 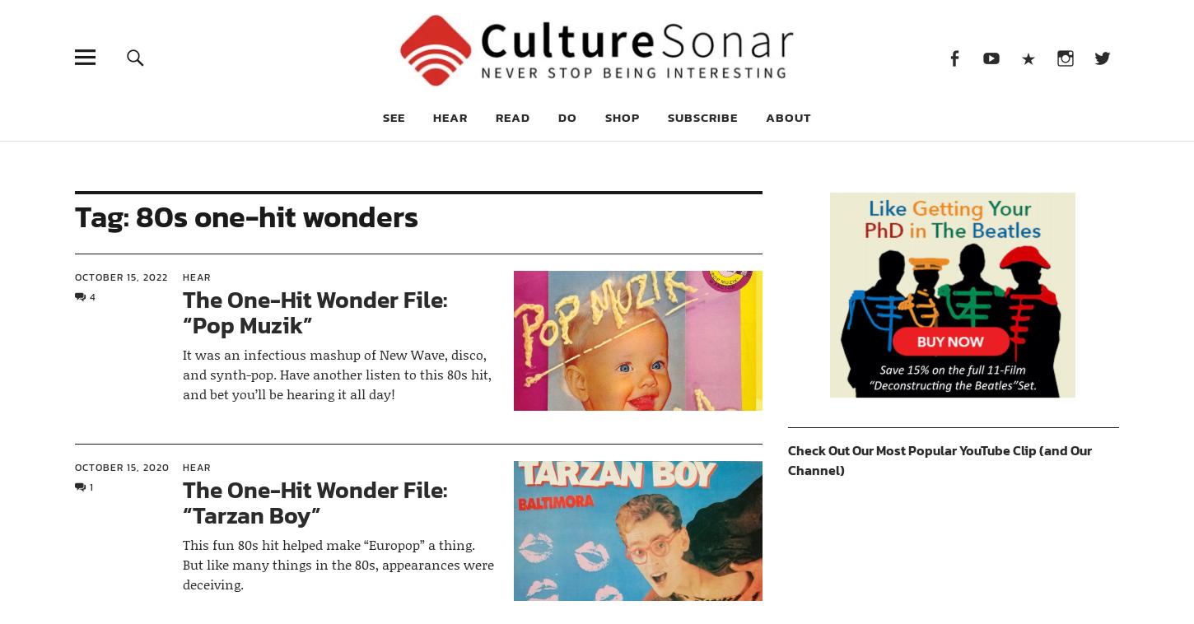 I want to click on 'October 15, 2020', so click(x=120, y=465).